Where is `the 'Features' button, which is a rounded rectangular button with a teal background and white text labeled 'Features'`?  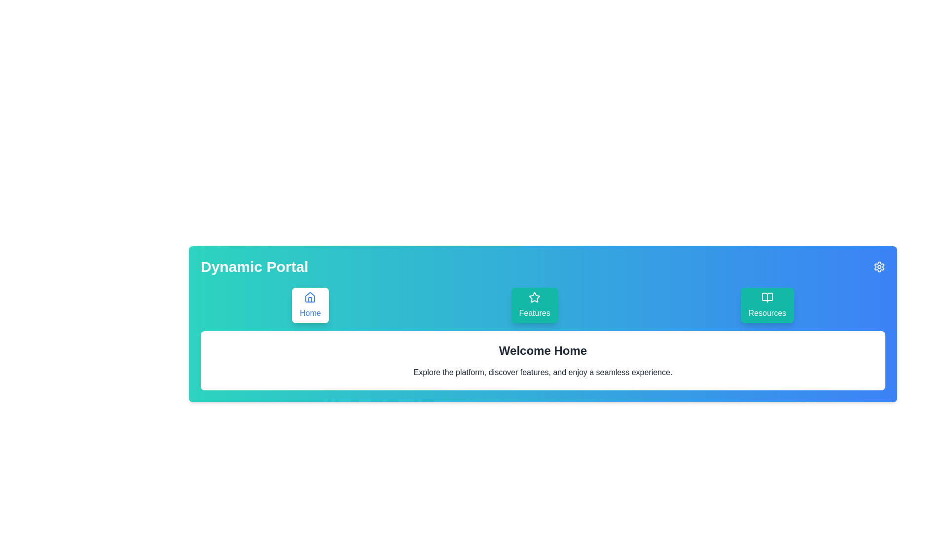 the 'Features' button, which is a rounded rectangular button with a teal background and white text labeled 'Features' is located at coordinates (534, 305).